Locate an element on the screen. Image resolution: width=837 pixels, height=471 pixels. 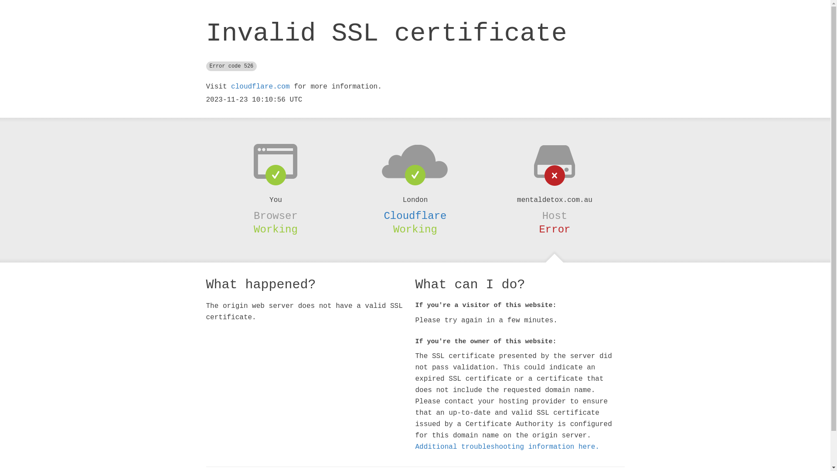
'Cloudflare' is located at coordinates (414, 216).